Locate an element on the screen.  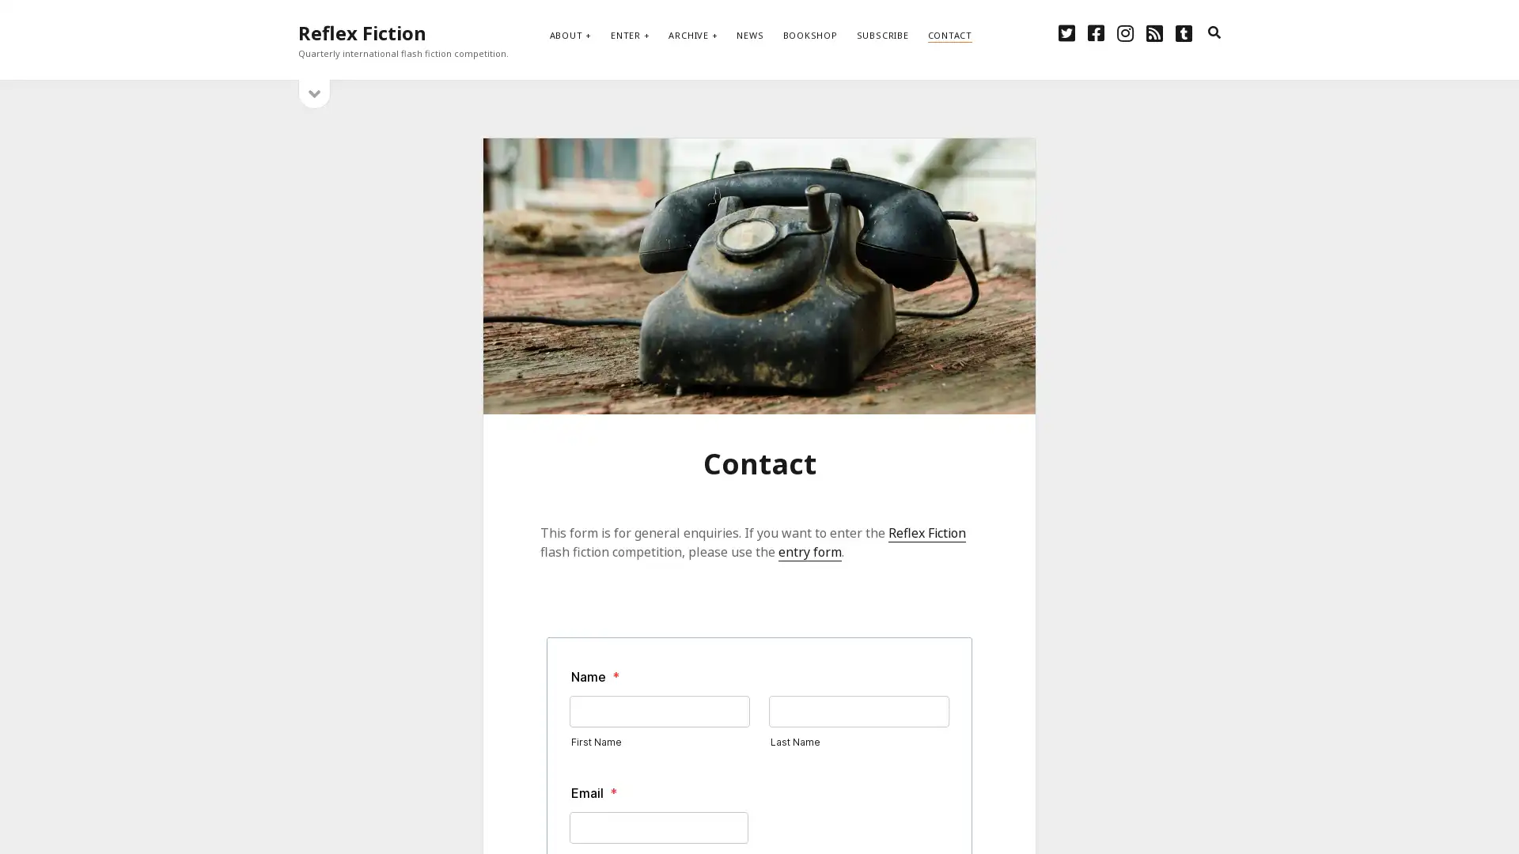
search is located at coordinates (1214, 33).